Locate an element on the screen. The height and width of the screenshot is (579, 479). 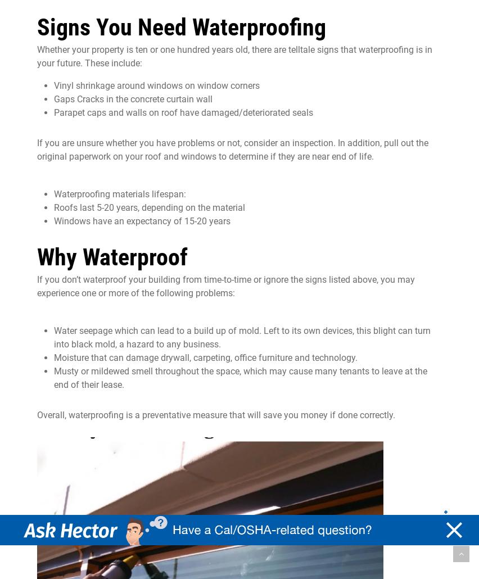
'concrete' is located at coordinates (148, 99).